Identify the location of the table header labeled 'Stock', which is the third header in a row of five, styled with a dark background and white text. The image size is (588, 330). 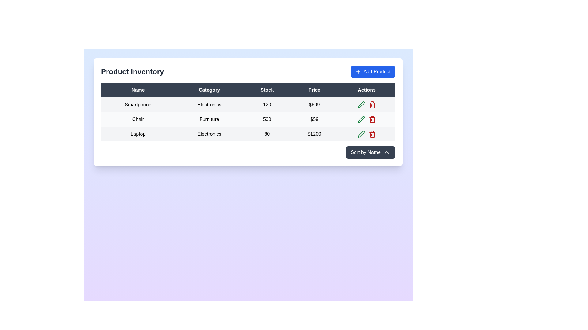
(267, 90).